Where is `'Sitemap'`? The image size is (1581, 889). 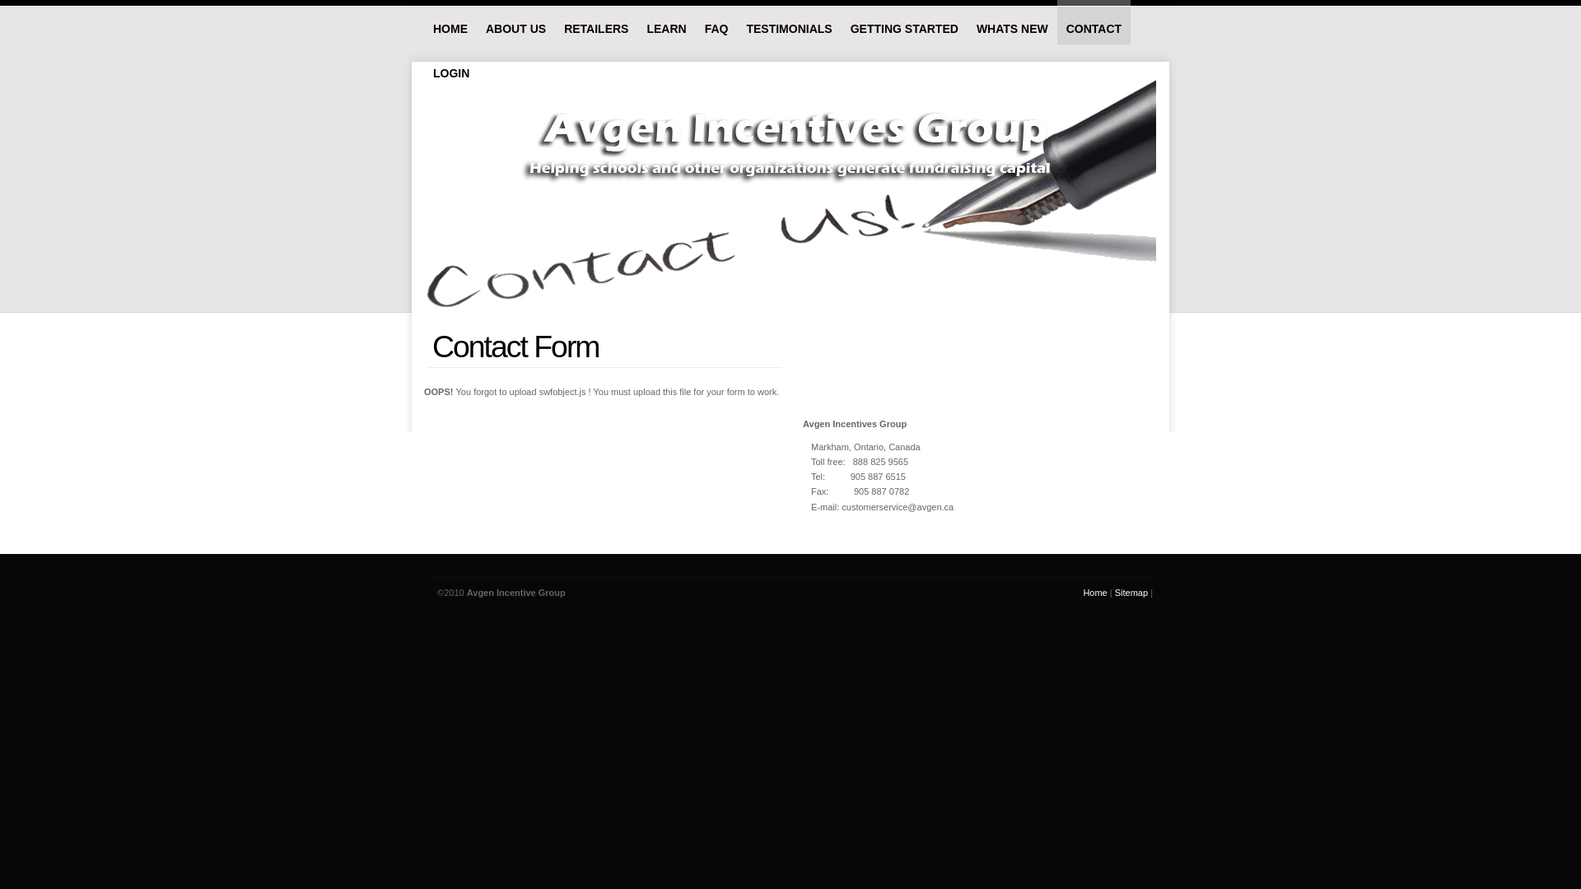
'Sitemap' is located at coordinates (1130, 593).